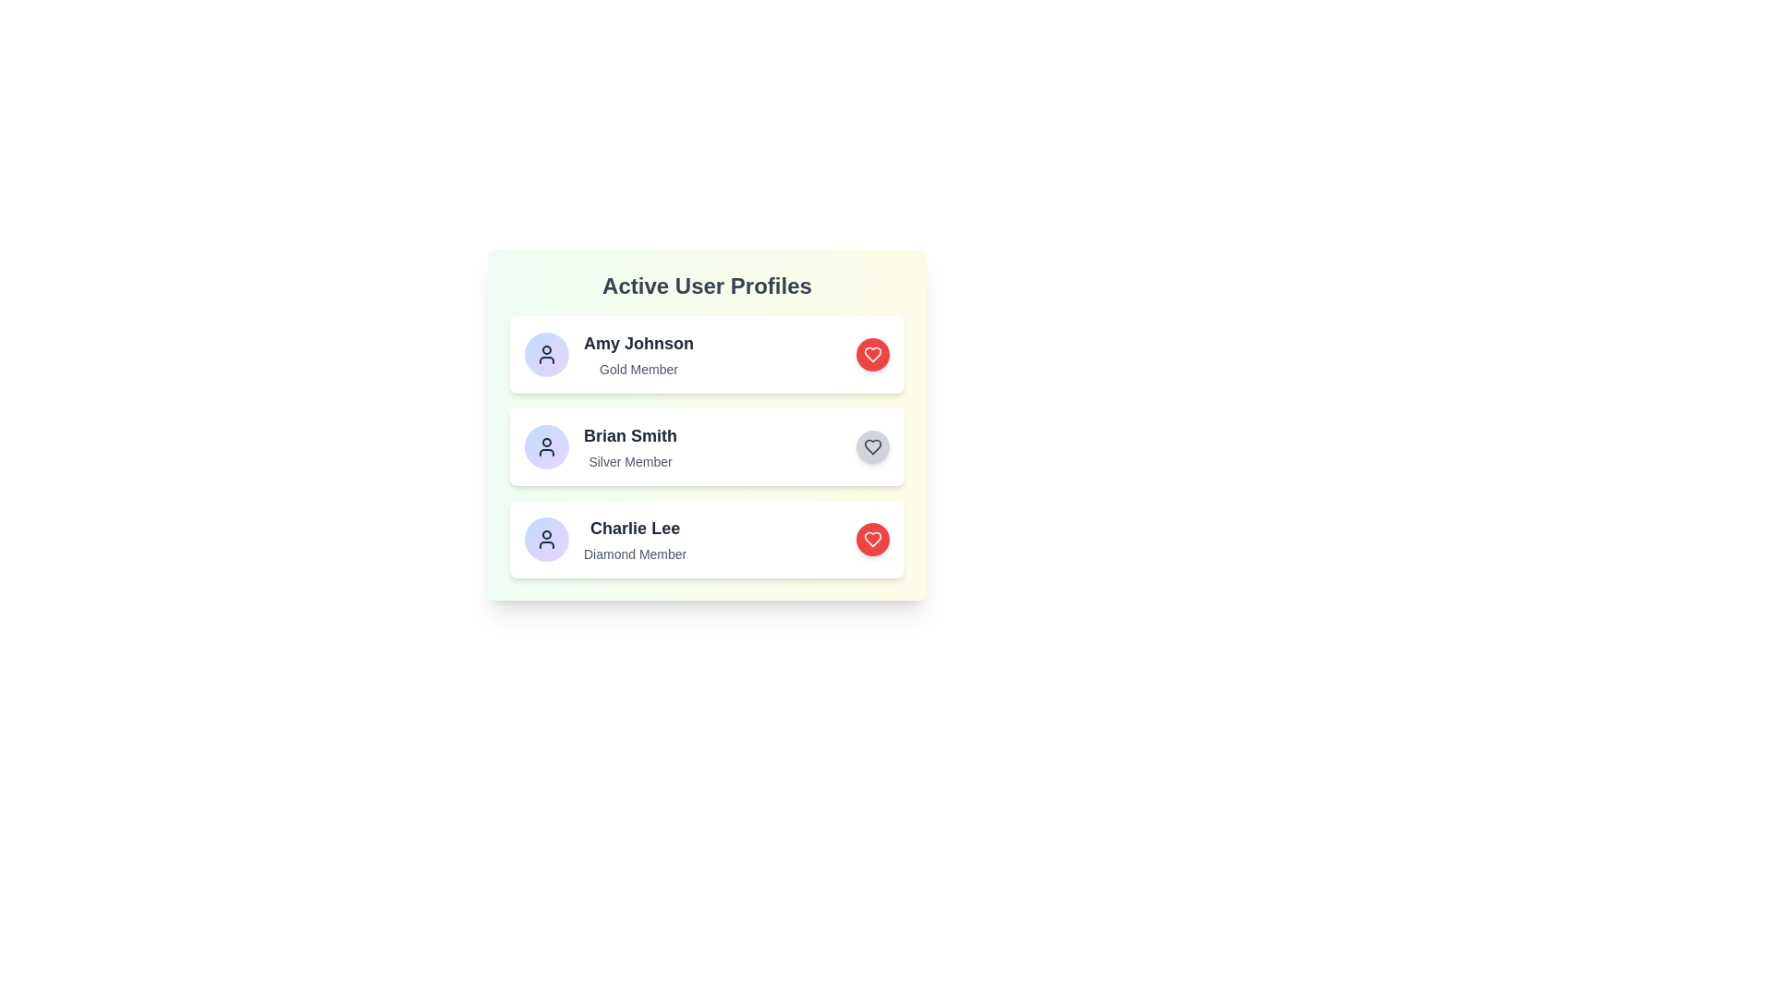  I want to click on the Text label that displays the name and membership status of a user in the user profile section, located next to a circular icon and a heart-shaped button, so click(638, 355).